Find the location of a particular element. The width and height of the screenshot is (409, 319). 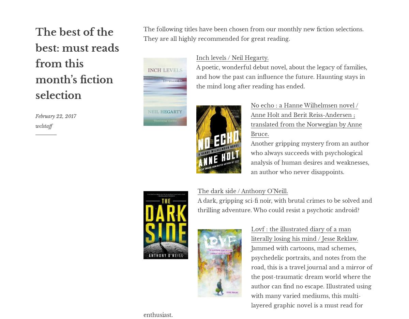

'Inch levels / Neil Hegarty.' is located at coordinates (232, 57).